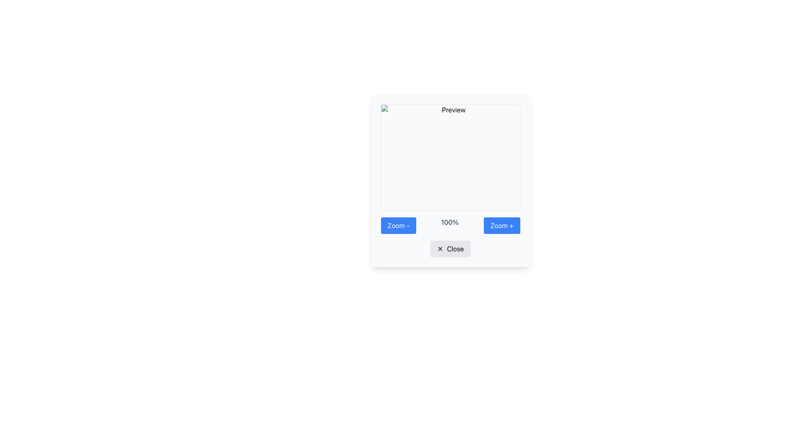 The image size is (796, 448). What do you see at coordinates (398, 225) in the screenshot?
I see `the blue rectangular button labeled 'Zoom -' to decrease the zoom level, located to the left of the '100%' label and right of the 'Zoom +' button` at bounding box center [398, 225].